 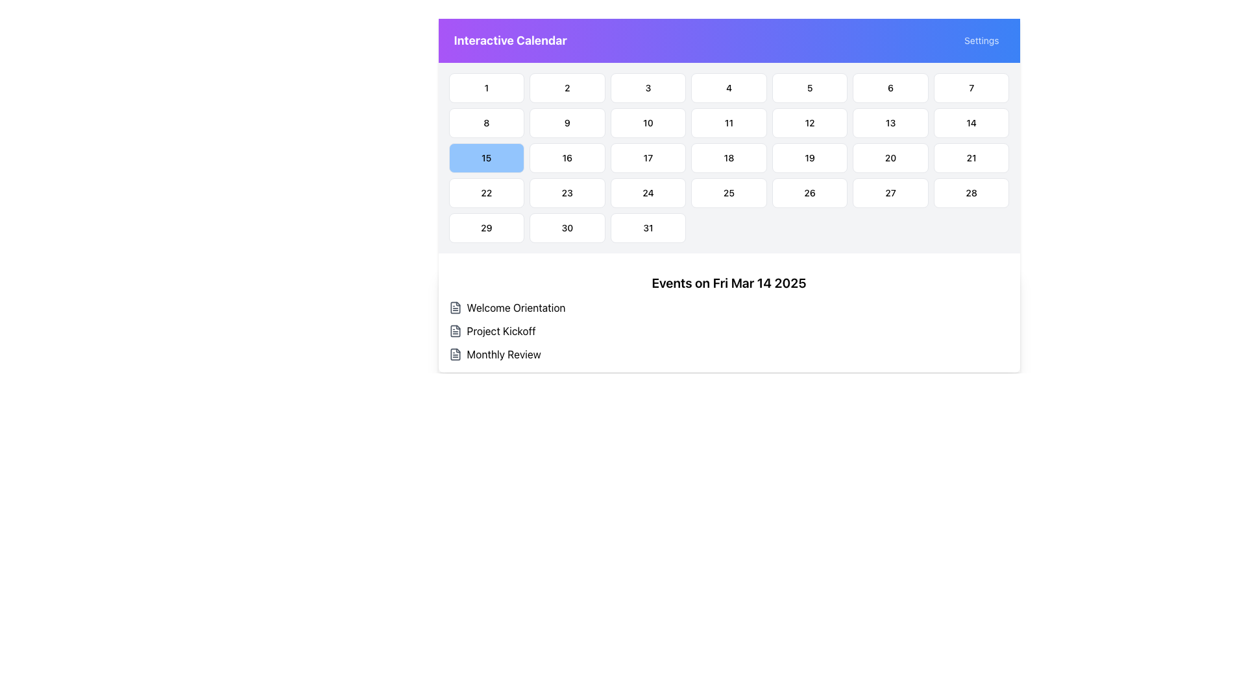 I want to click on the static text label representing the 24th day of the month in the calendar grid, located in the fourth row and fourth column, so click(x=648, y=192).